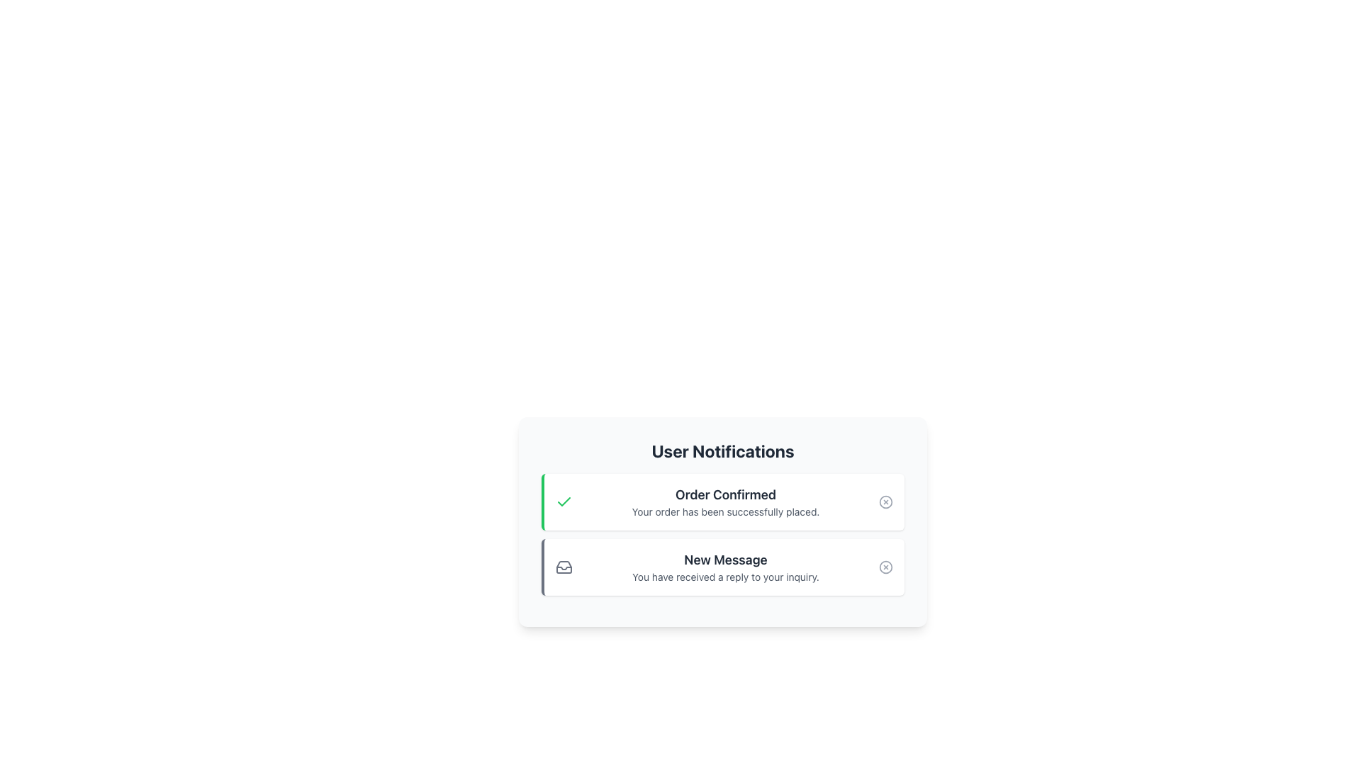 Image resolution: width=1361 pixels, height=765 pixels. What do you see at coordinates (564, 567) in the screenshot?
I see `the triangular-shaped graphic feature resembling a downward arrow within the circular section of the SVG icon in the second row of the notifications list, located to the left of the 'New Message' label` at bounding box center [564, 567].